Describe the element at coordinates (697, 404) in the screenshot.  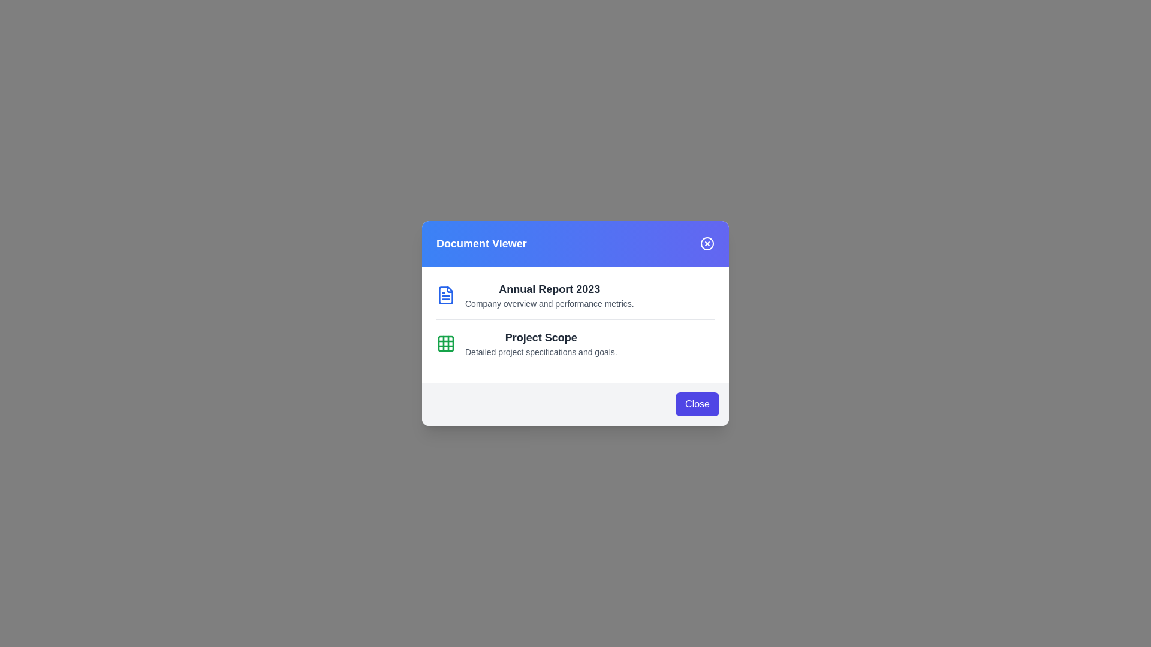
I see `Close button located at the bottom-right corner of the dialog` at that location.